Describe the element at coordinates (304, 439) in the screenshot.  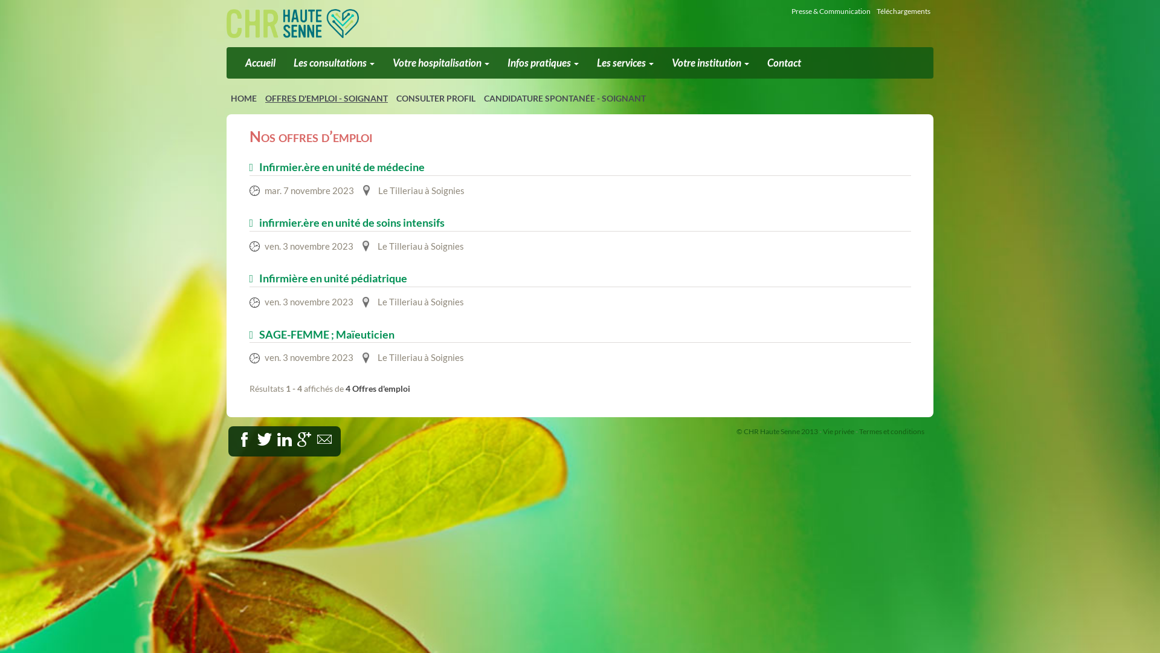
I see `'Google+'` at that location.